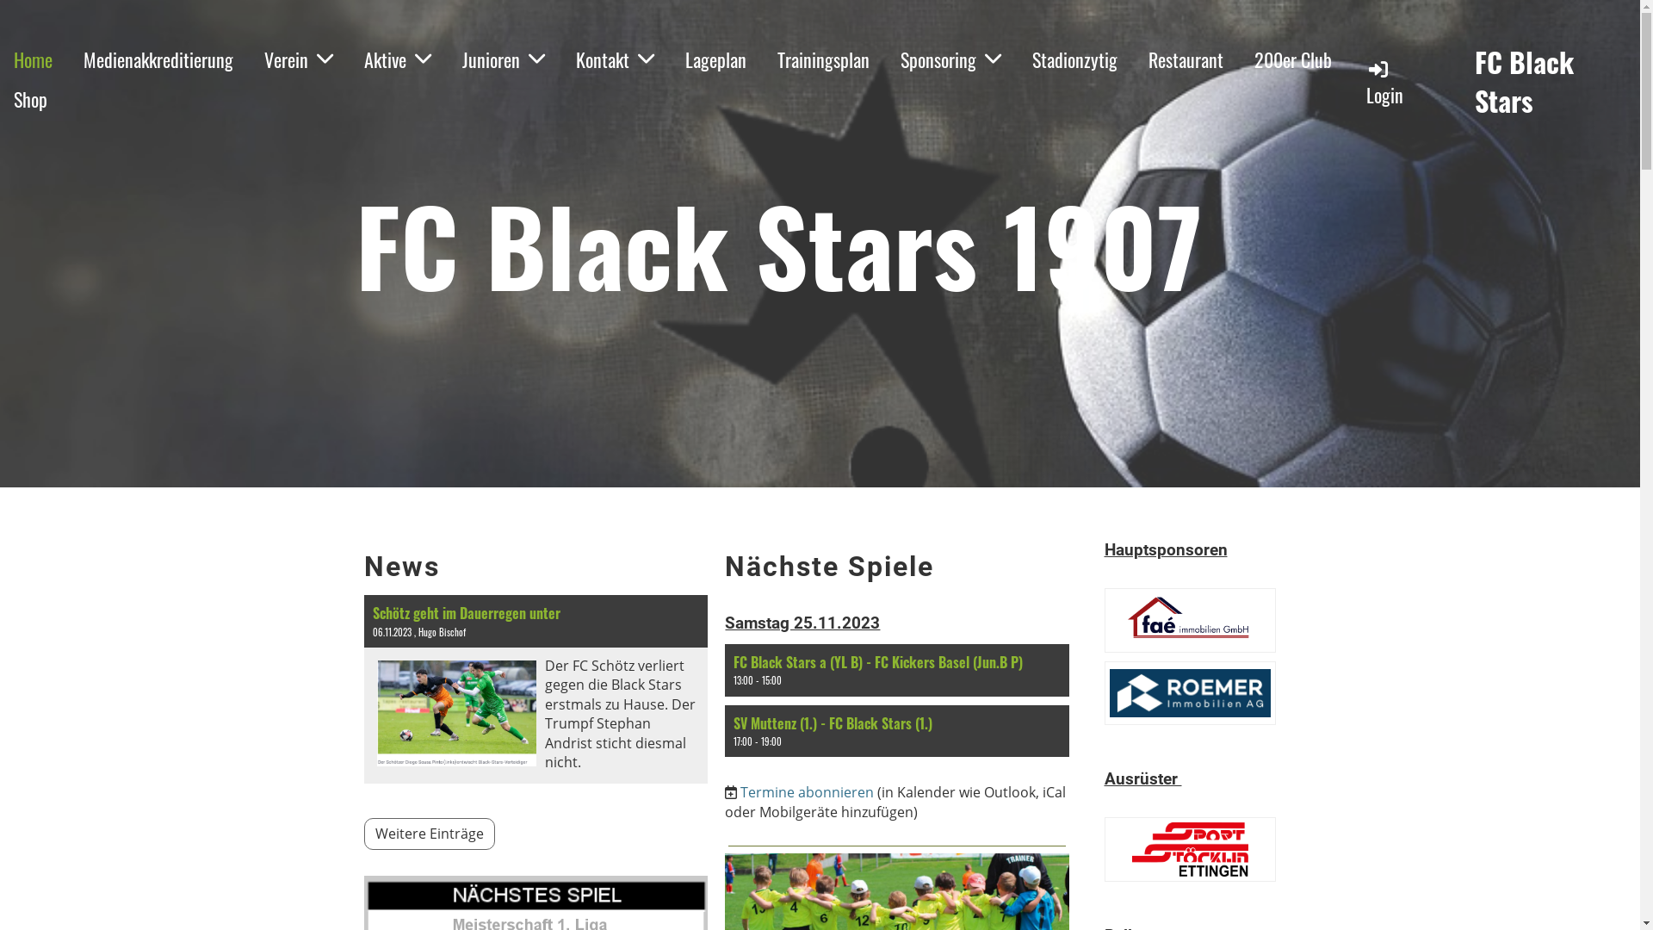 The width and height of the screenshot is (1653, 930). What do you see at coordinates (561, 59) in the screenshot?
I see `'Kontakt'` at bounding box center [561, 59].